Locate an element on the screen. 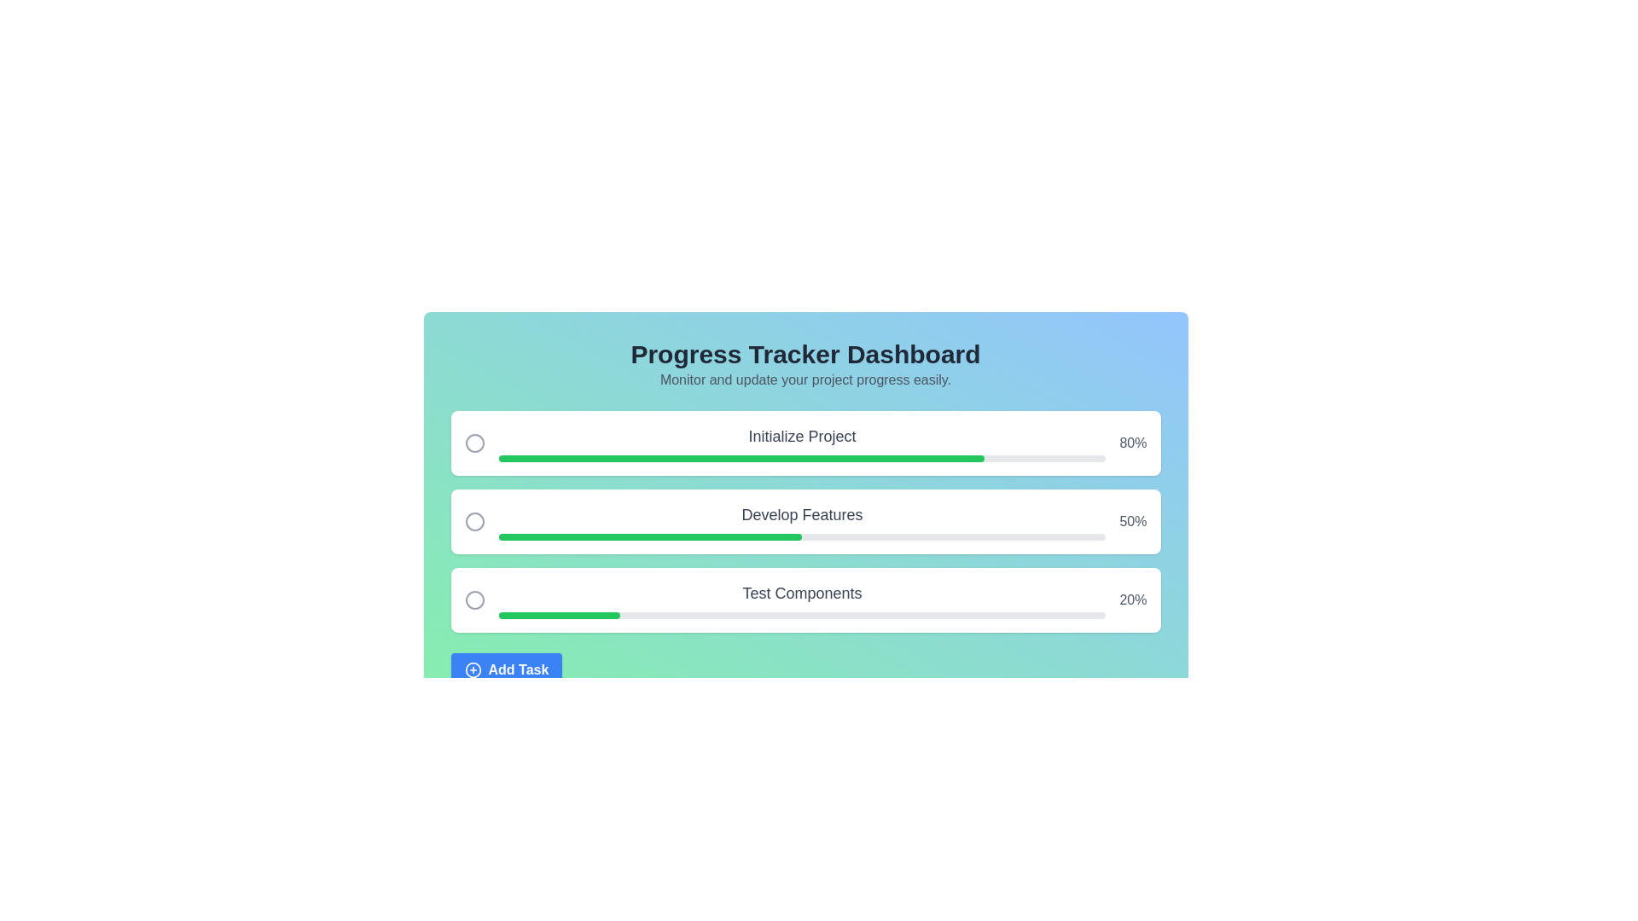  the progress bar of the Progress tracker that displays the completion progress of the task labeled 'Develop Features' is located at coordinates (804, 521).